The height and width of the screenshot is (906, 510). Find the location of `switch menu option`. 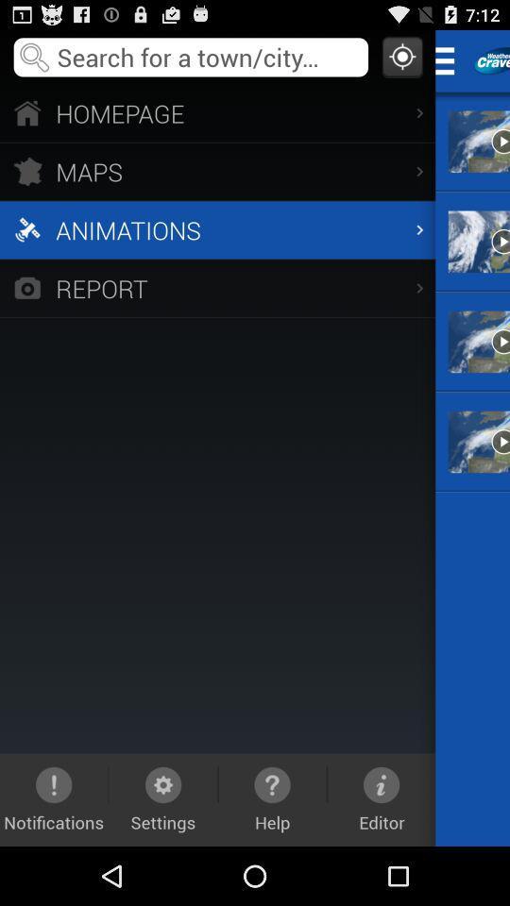

switch menu option is located at coordinates (450, 60).